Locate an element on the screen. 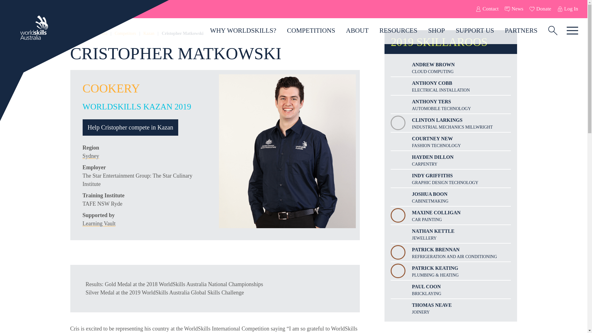 The image size is (592, 333). 'Help Cristopher compete in Kazan' is located at coordinates (130, 127).